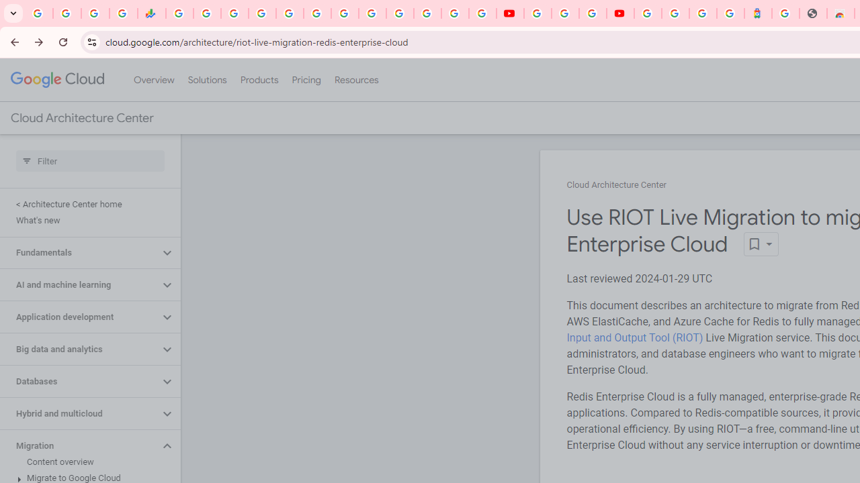  I want to click on 'Solutions', so click(206, 80).